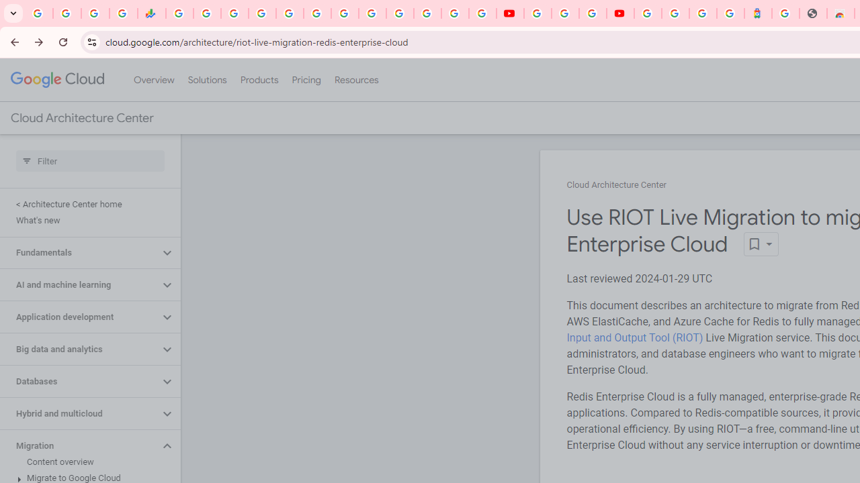  I want to click on 'Solutions', so click(206, 80).